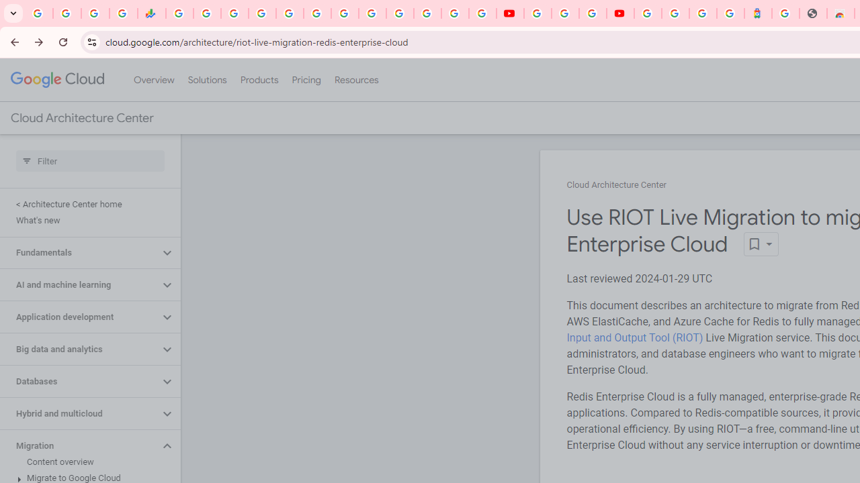  I want to click on 'Solutions', so click(206, 80).